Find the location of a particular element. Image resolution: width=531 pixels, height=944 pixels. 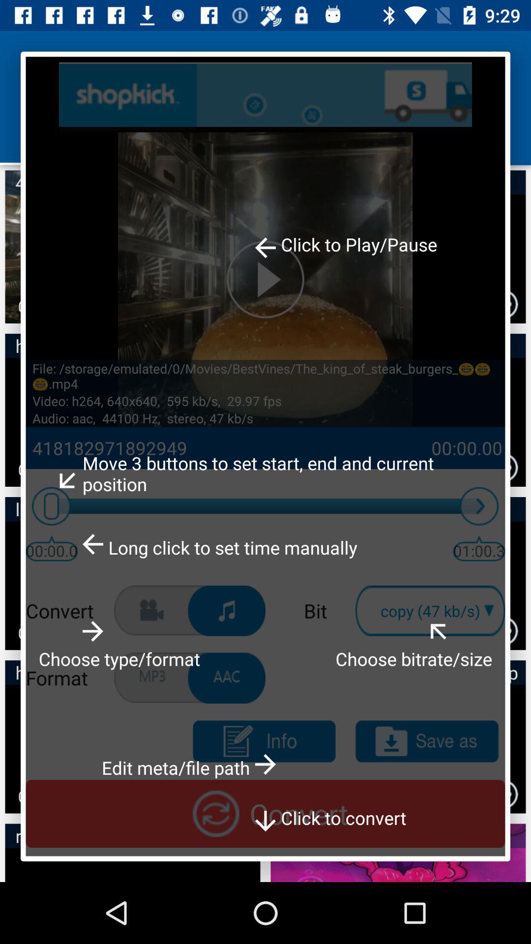

get information is located at coordinates (263, 741).